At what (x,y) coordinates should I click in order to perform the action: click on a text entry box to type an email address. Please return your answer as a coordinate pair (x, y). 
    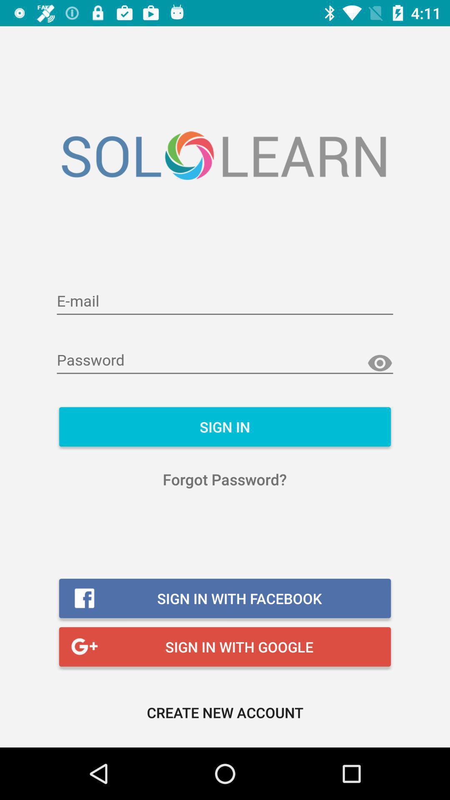
    Looking at the image, I should click on (225, 301).